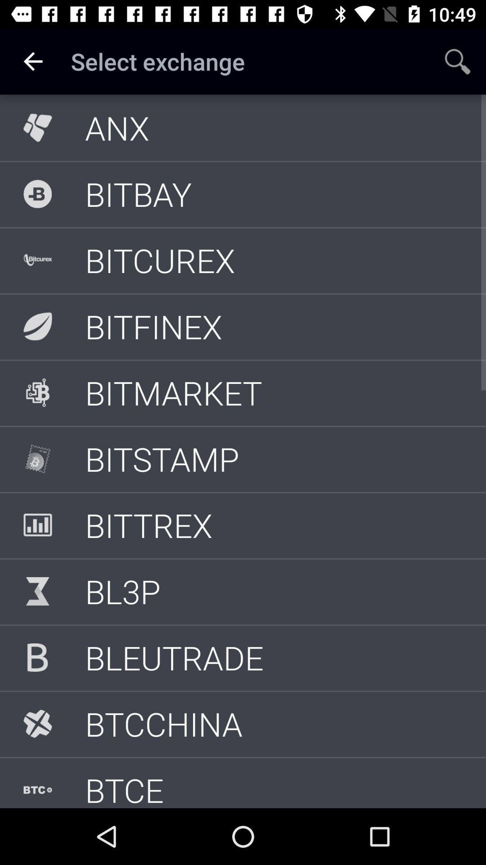 The height and width of the screenshot is (865, 486). I want to click on app to the right of the select exchange, so click(458, 61).